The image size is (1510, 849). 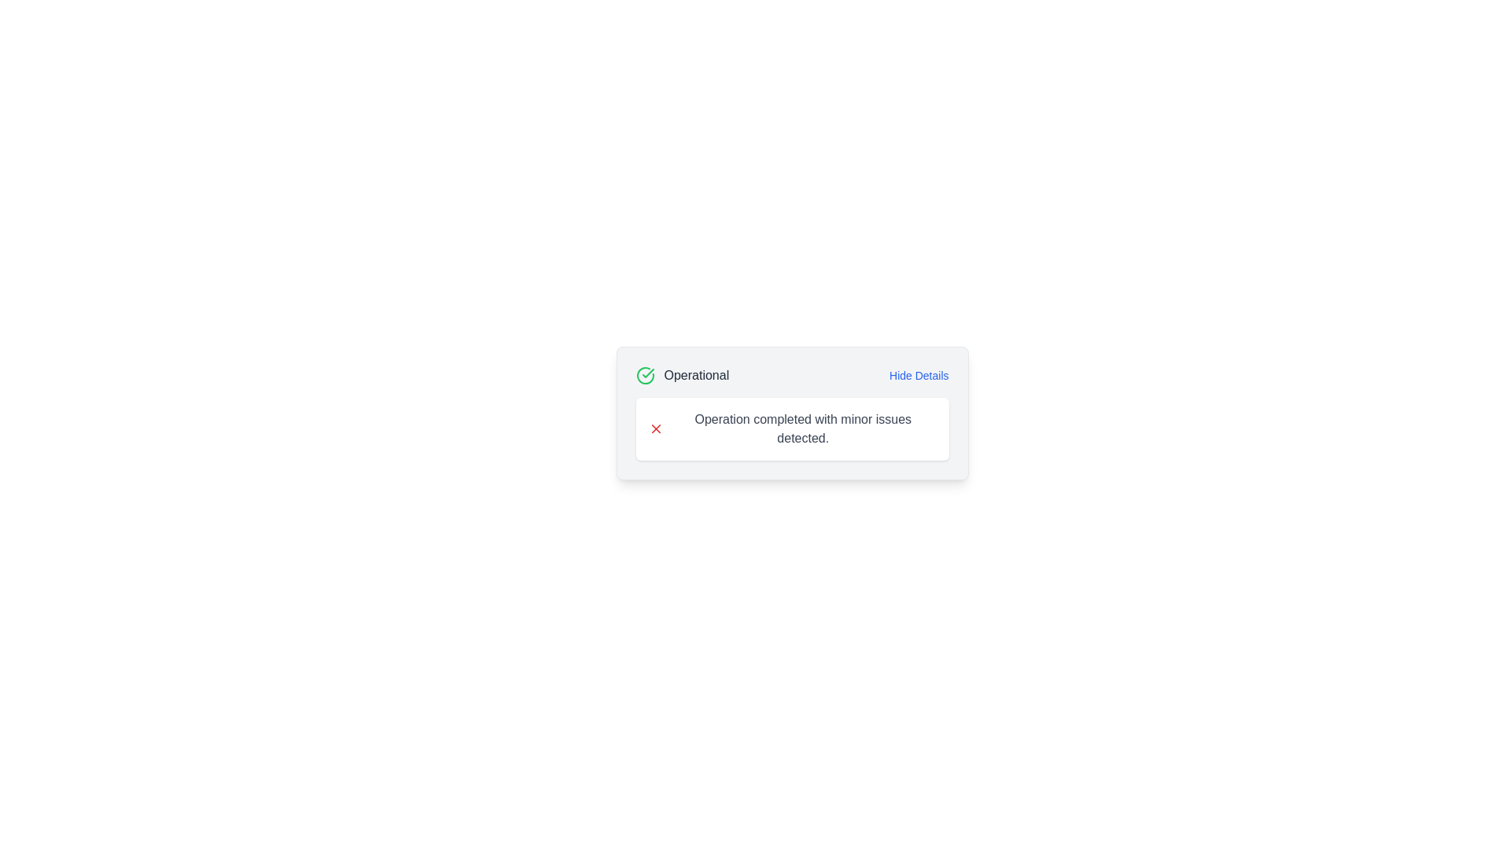 I want to click on the alert icon indicating a minor issue, positioned to the left of the message 'Operation completed with minor issues detected.', so click(x=656, y=429).